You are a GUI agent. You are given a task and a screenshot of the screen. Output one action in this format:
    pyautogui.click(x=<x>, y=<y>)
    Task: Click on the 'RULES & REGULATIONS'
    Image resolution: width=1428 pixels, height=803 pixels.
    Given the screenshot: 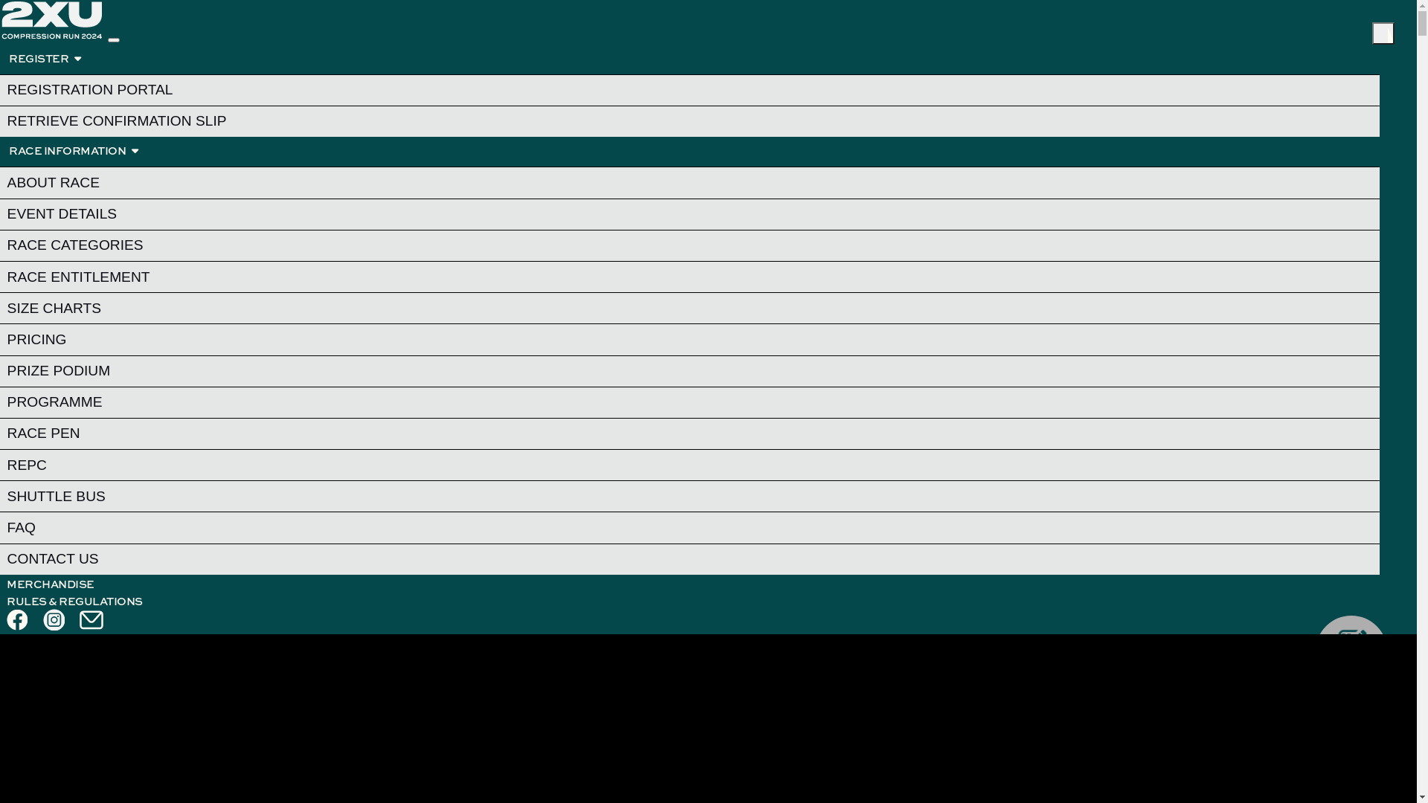 What is the action you would take?
    pyautogui.click(x=74, y=601)
    